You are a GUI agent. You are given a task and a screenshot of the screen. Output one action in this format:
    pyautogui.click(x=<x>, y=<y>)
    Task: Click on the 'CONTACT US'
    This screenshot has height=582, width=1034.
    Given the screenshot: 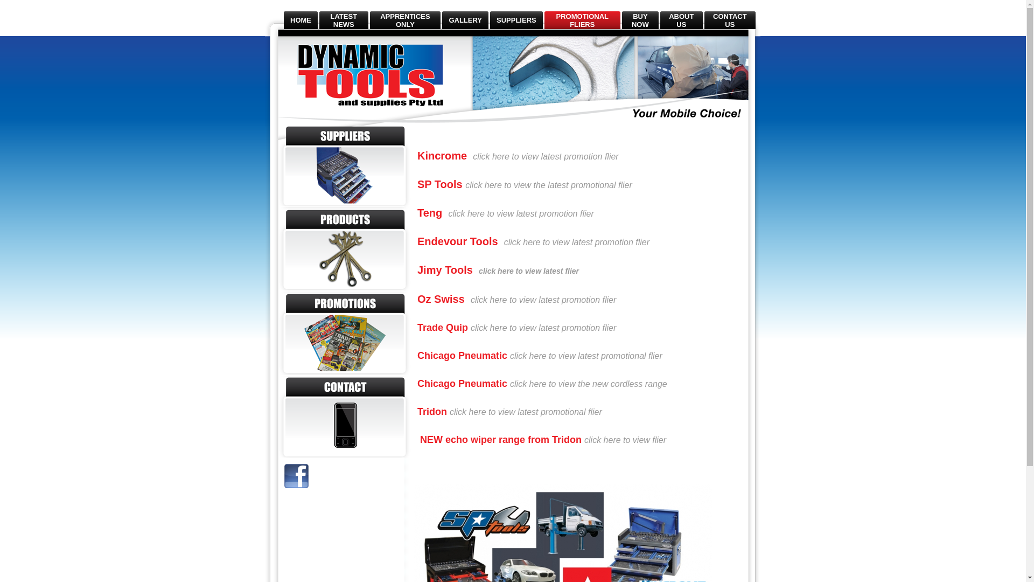 What is the action you would take?
    pyautogui.click(x=730, y=20)
    